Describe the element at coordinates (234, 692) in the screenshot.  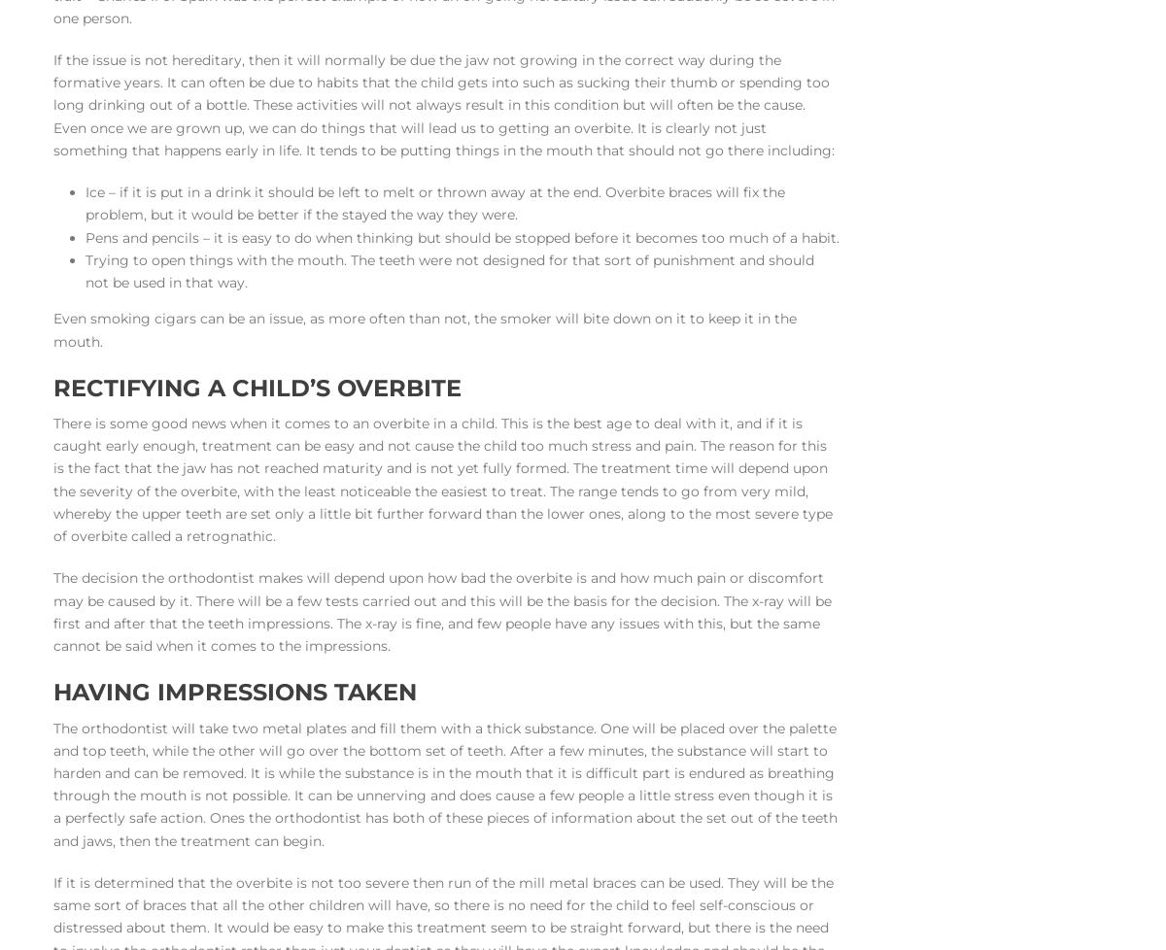
I see `'Having impressions taken'` at that location.